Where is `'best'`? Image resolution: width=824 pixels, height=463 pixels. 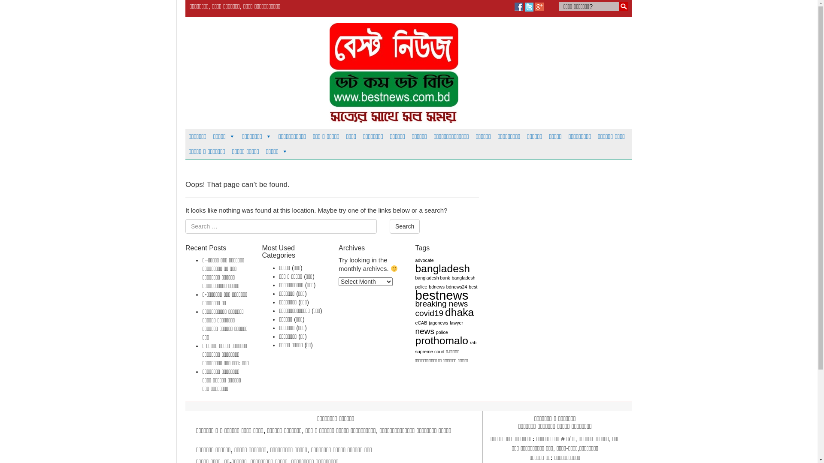
'best' is located at coordinates (468, 286).